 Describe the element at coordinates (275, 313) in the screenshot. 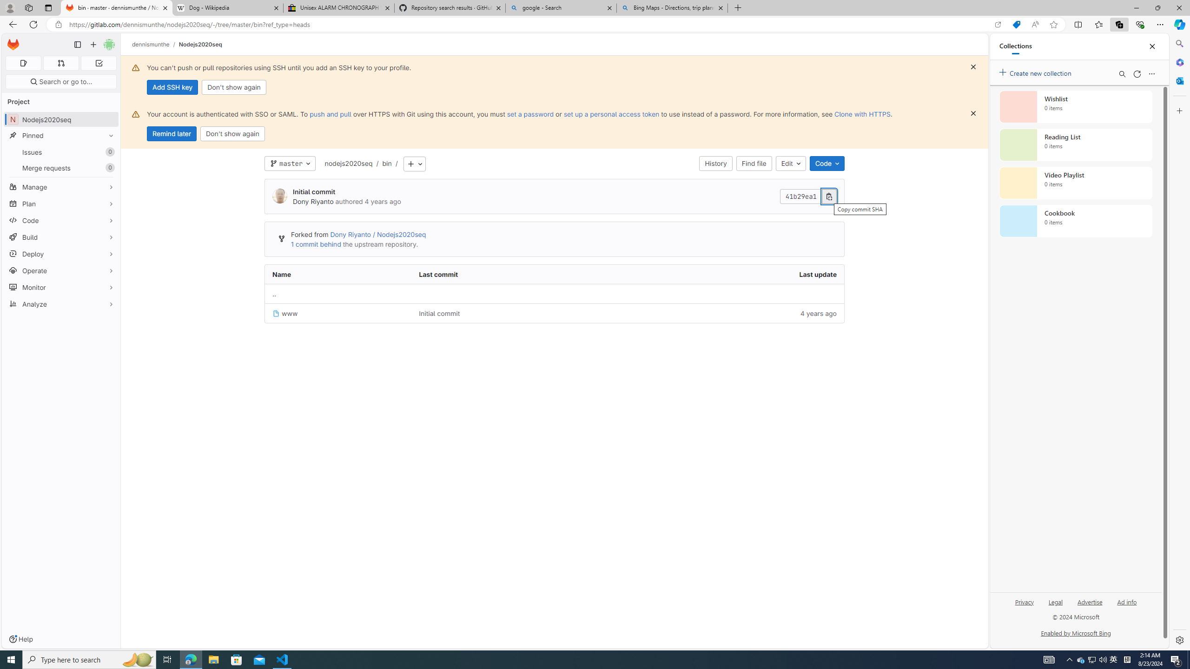

I see `'Class: s16 position-relative file-icon'` at that location.